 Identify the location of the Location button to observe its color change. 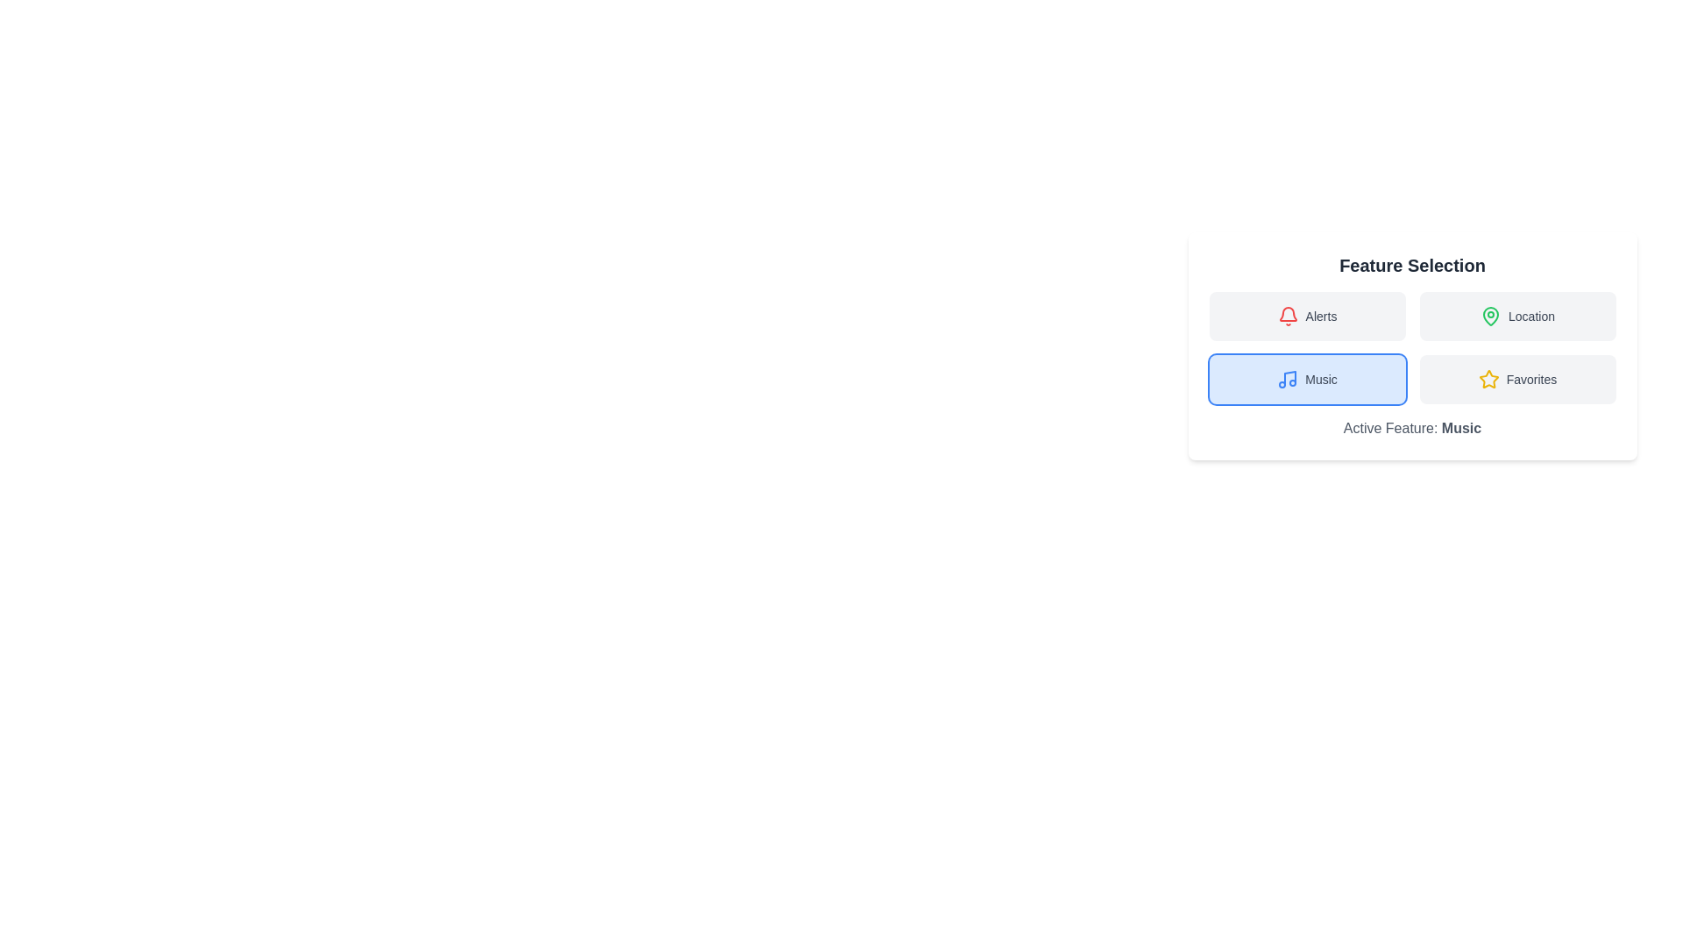
(1516, 317).